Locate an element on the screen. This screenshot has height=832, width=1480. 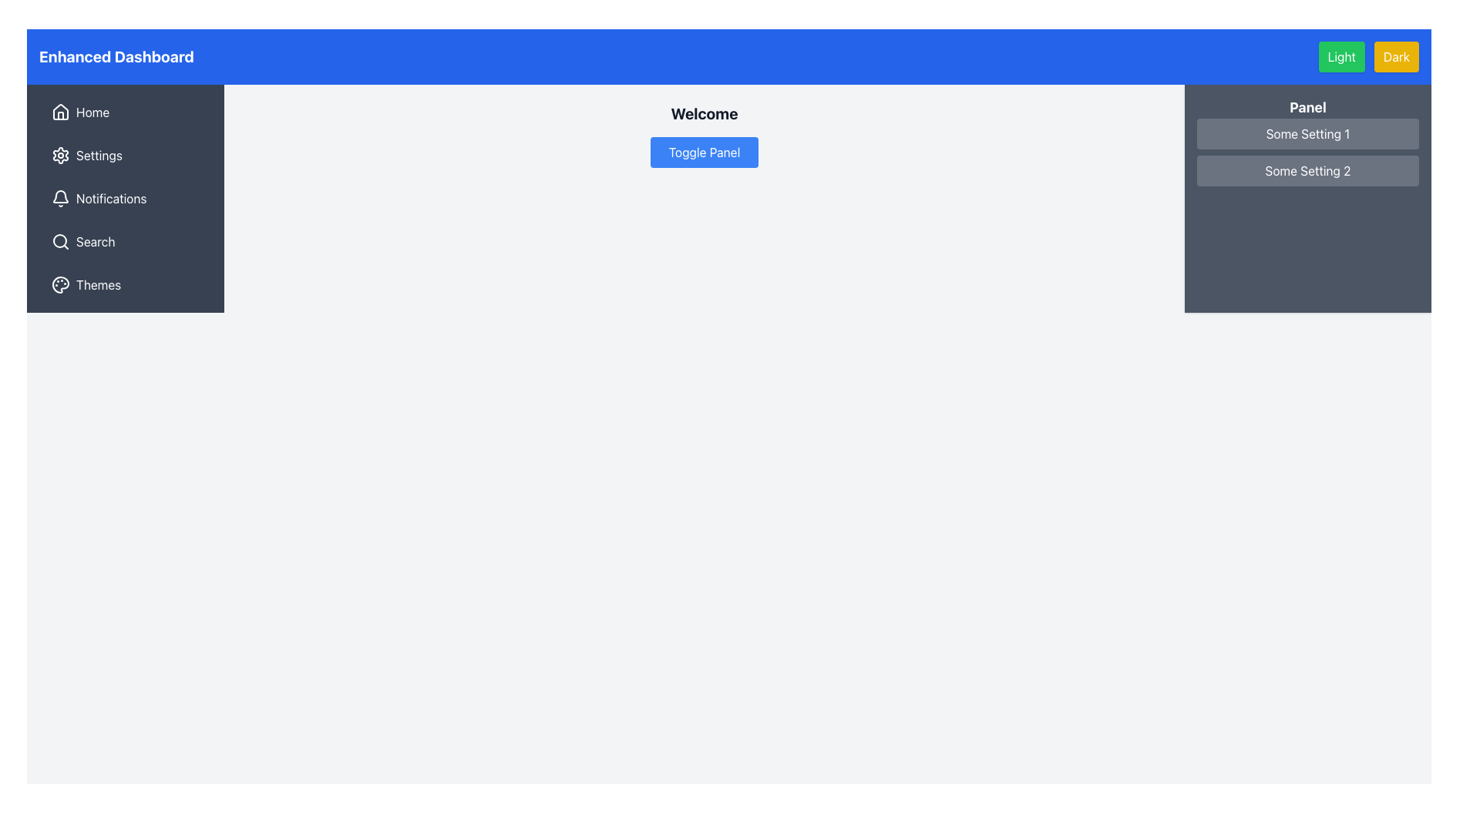
the painter's palette SVG icon located within the 'Themes' section of the left navigation menu is located at coordinates (60, 285).